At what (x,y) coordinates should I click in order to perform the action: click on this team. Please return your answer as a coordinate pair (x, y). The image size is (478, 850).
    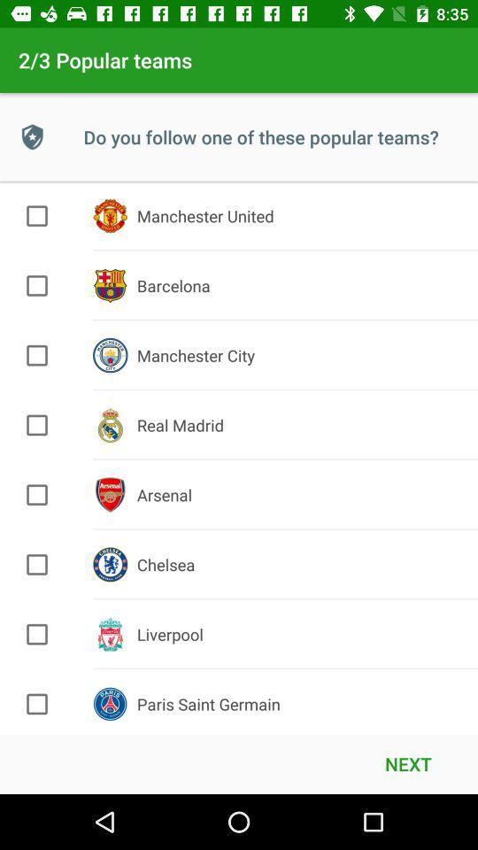
    Looking at the image, I should click on (37, 704).